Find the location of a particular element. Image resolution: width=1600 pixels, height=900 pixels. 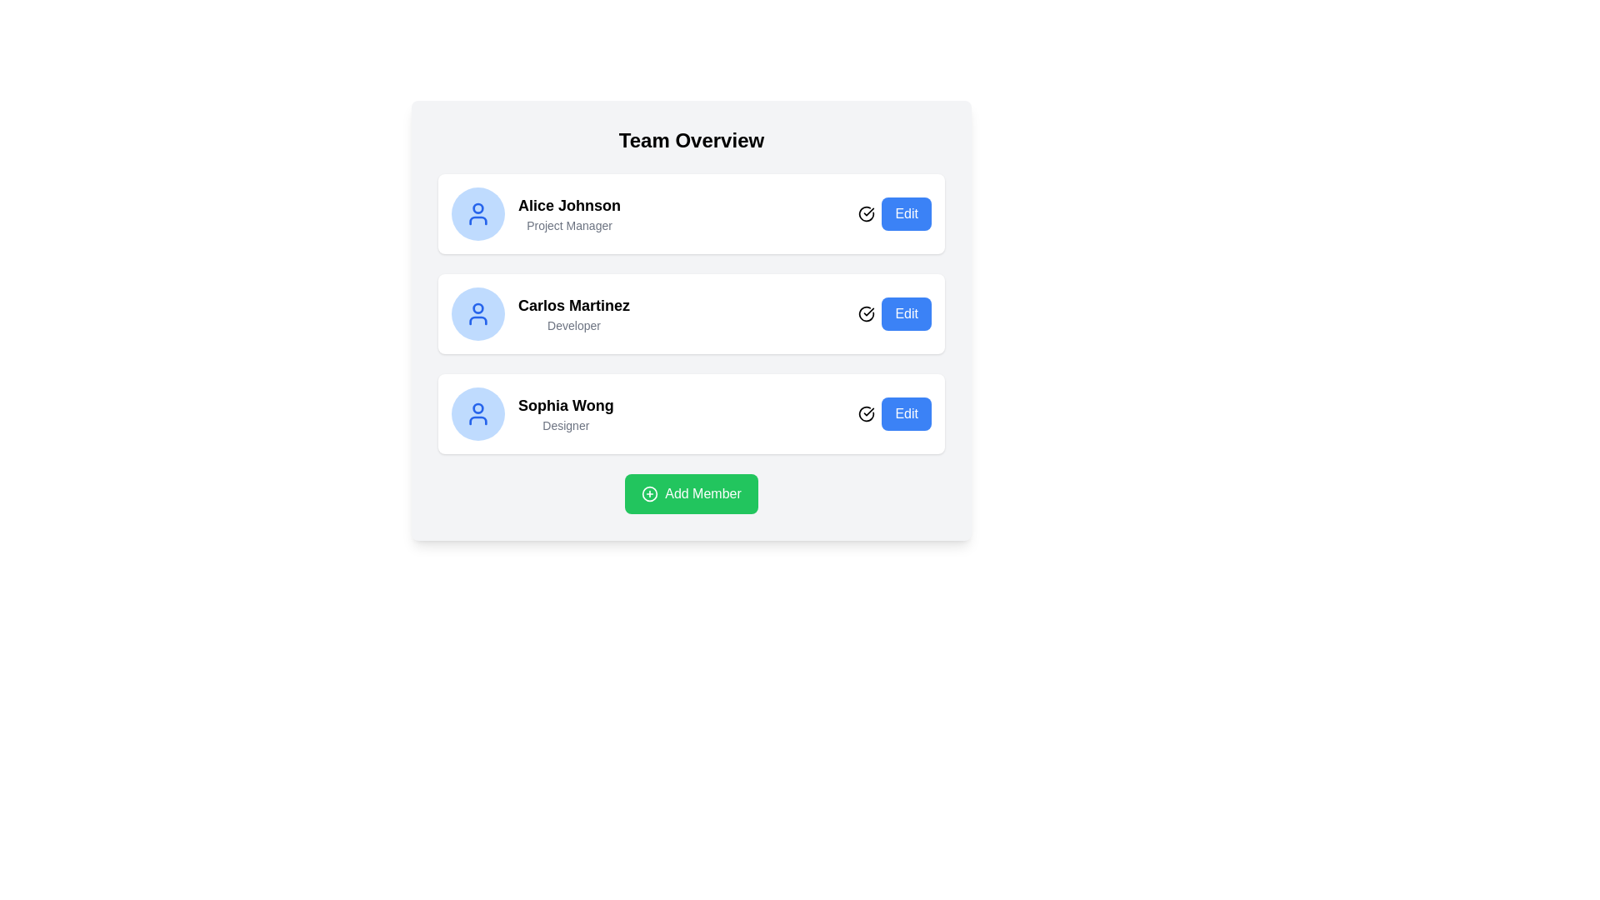

the text label that describes the professional role of Carlos Martinez, located directly beneath his name in the user profile block is located at coordinates (574, 325).